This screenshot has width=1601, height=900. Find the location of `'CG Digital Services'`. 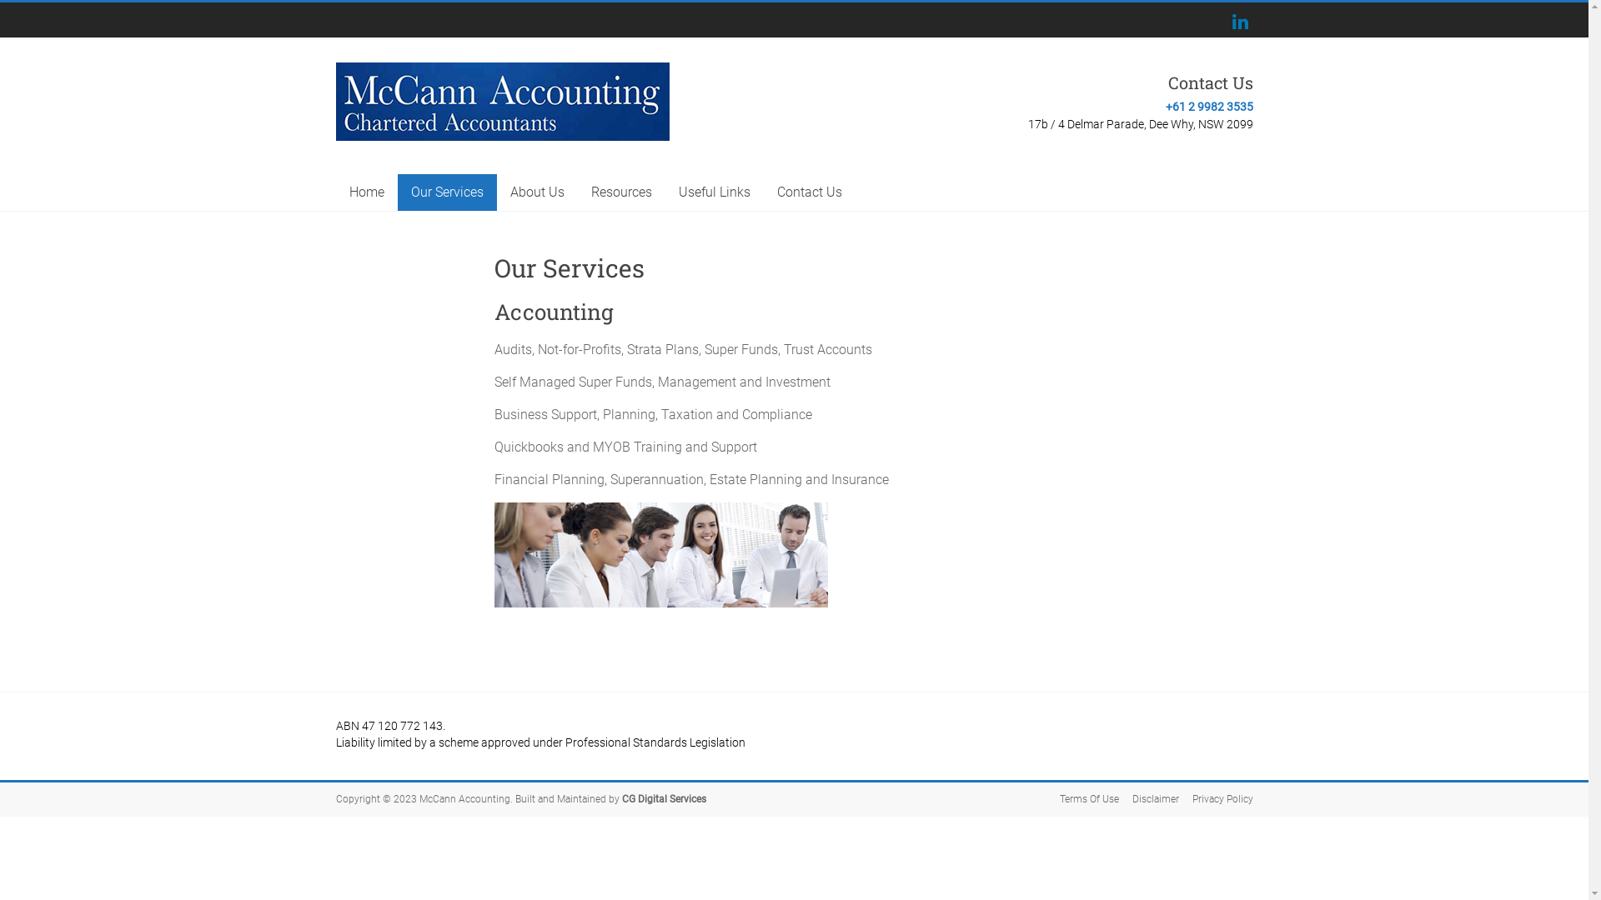

'CG Digital Services' is located at coordinates (663, 798).